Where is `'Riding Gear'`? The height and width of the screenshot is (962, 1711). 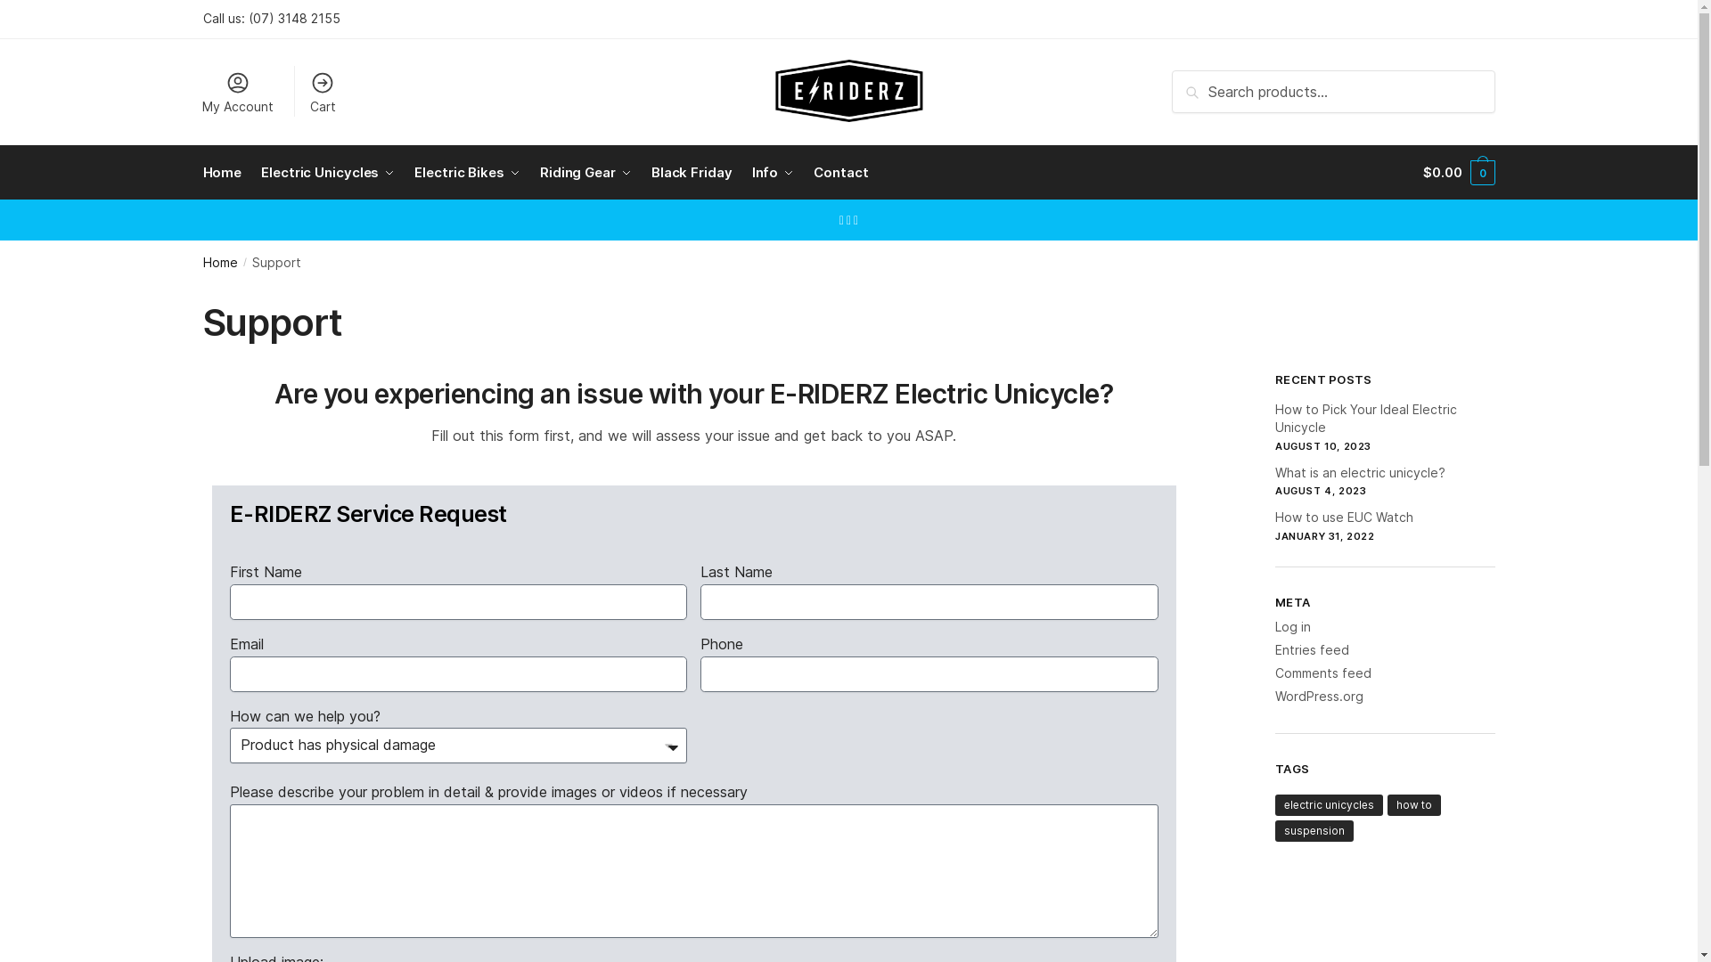 'Riding Gear' is located at coordinates (585, 172).